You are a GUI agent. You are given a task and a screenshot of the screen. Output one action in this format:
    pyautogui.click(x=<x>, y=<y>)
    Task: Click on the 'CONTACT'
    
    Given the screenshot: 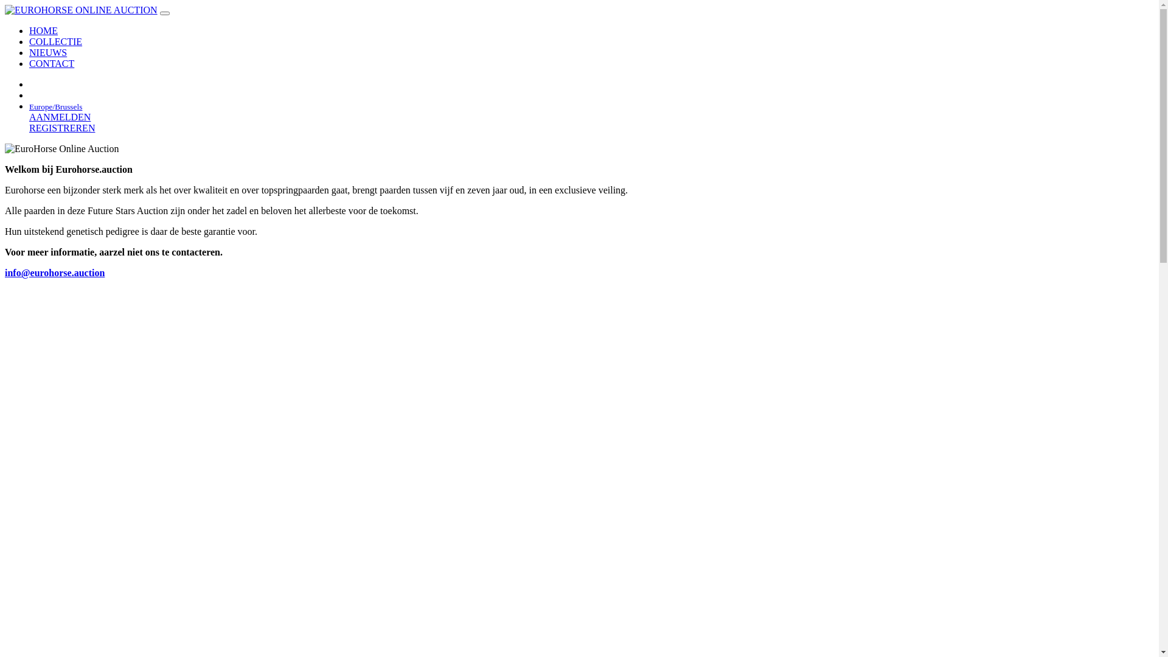 What is the action you would take?
    pyautogui.click(x=29, y=63)
    